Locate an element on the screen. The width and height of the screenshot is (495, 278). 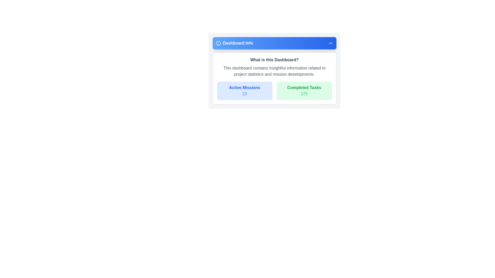
the Informative card with metric blocks that displays 'Active Missions' and 'Completed Tasks' statistics, located within the card labeled 'What is this Dashboard?' is located at coordinates (274, 91).